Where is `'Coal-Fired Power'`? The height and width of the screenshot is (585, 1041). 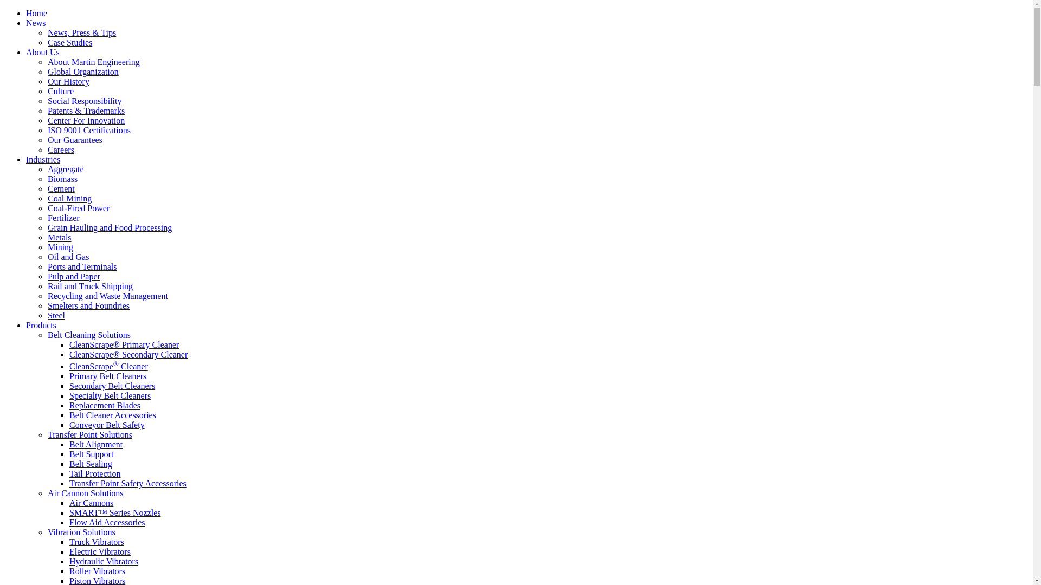
'Coal-Fired Power' is located at coordinates (78, 208).